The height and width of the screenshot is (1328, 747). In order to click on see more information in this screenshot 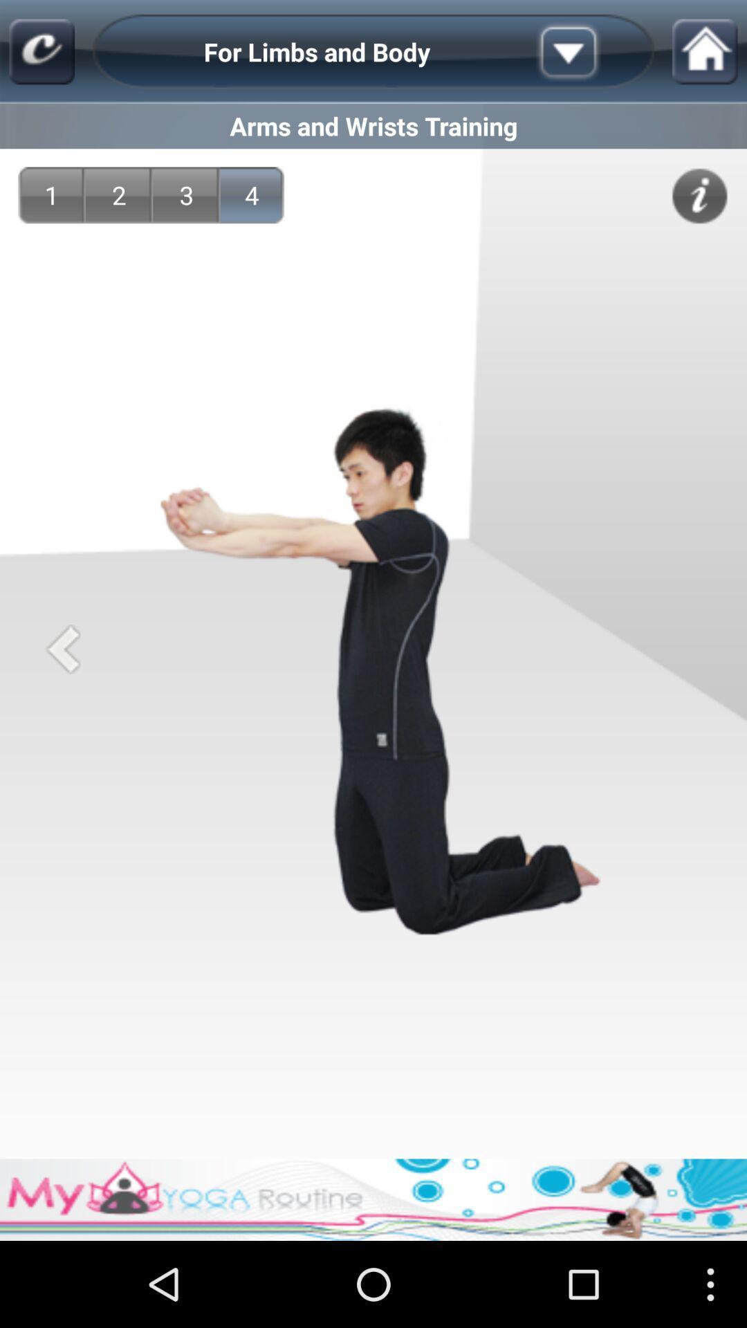, I will do `click(699, 195)`.